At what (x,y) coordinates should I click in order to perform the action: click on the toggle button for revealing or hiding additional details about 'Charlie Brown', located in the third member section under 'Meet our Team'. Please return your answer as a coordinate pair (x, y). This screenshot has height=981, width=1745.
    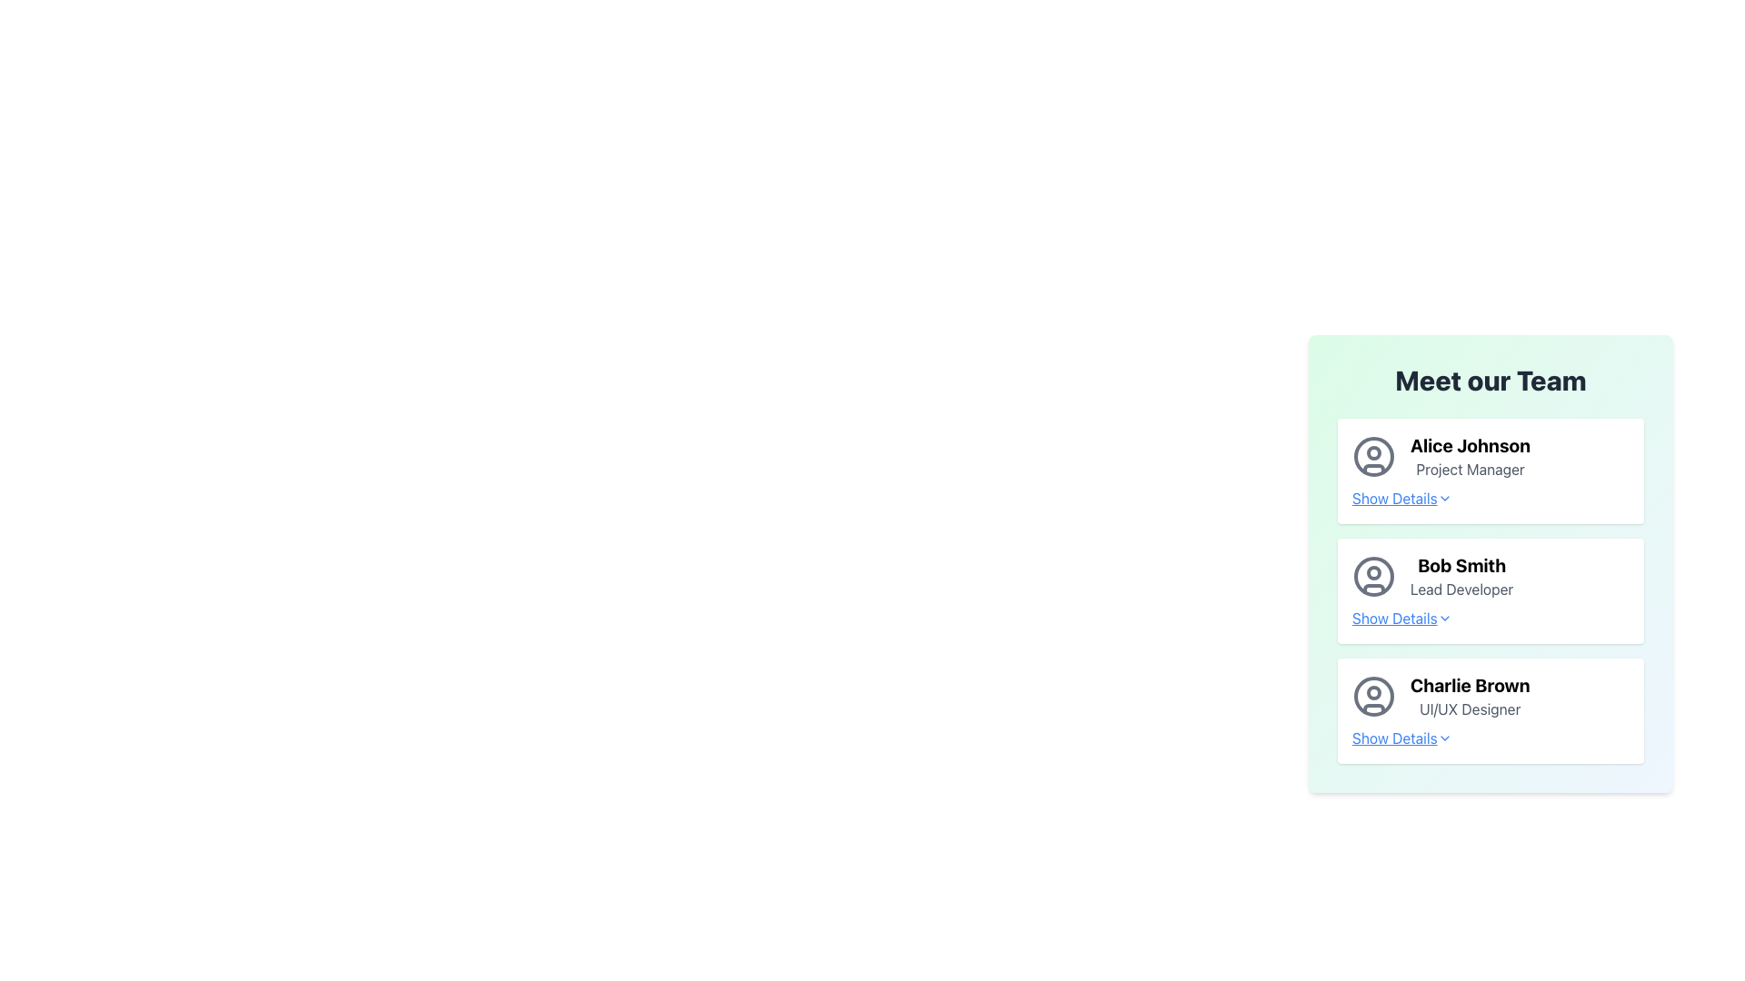
    Looking at the image, I should click on (1401, 738).